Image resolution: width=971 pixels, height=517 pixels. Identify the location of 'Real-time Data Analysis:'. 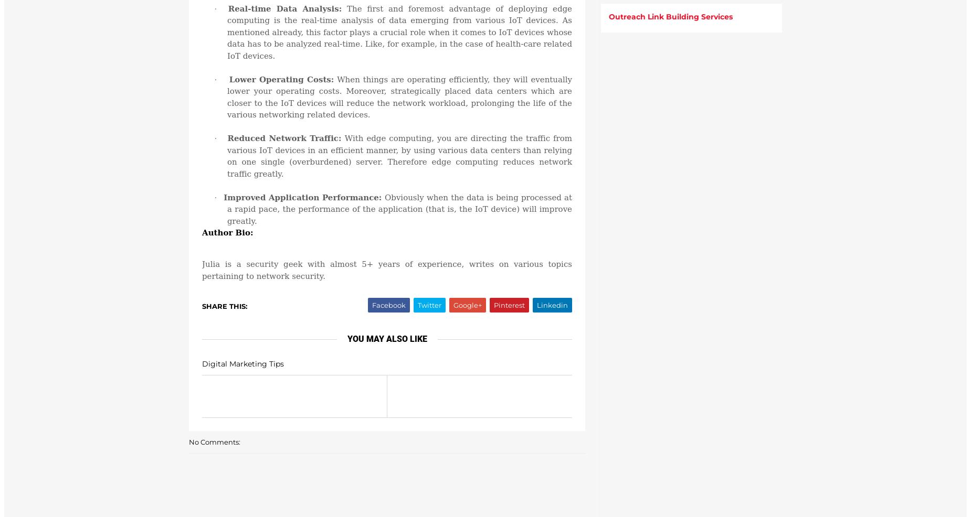
(284, 7).